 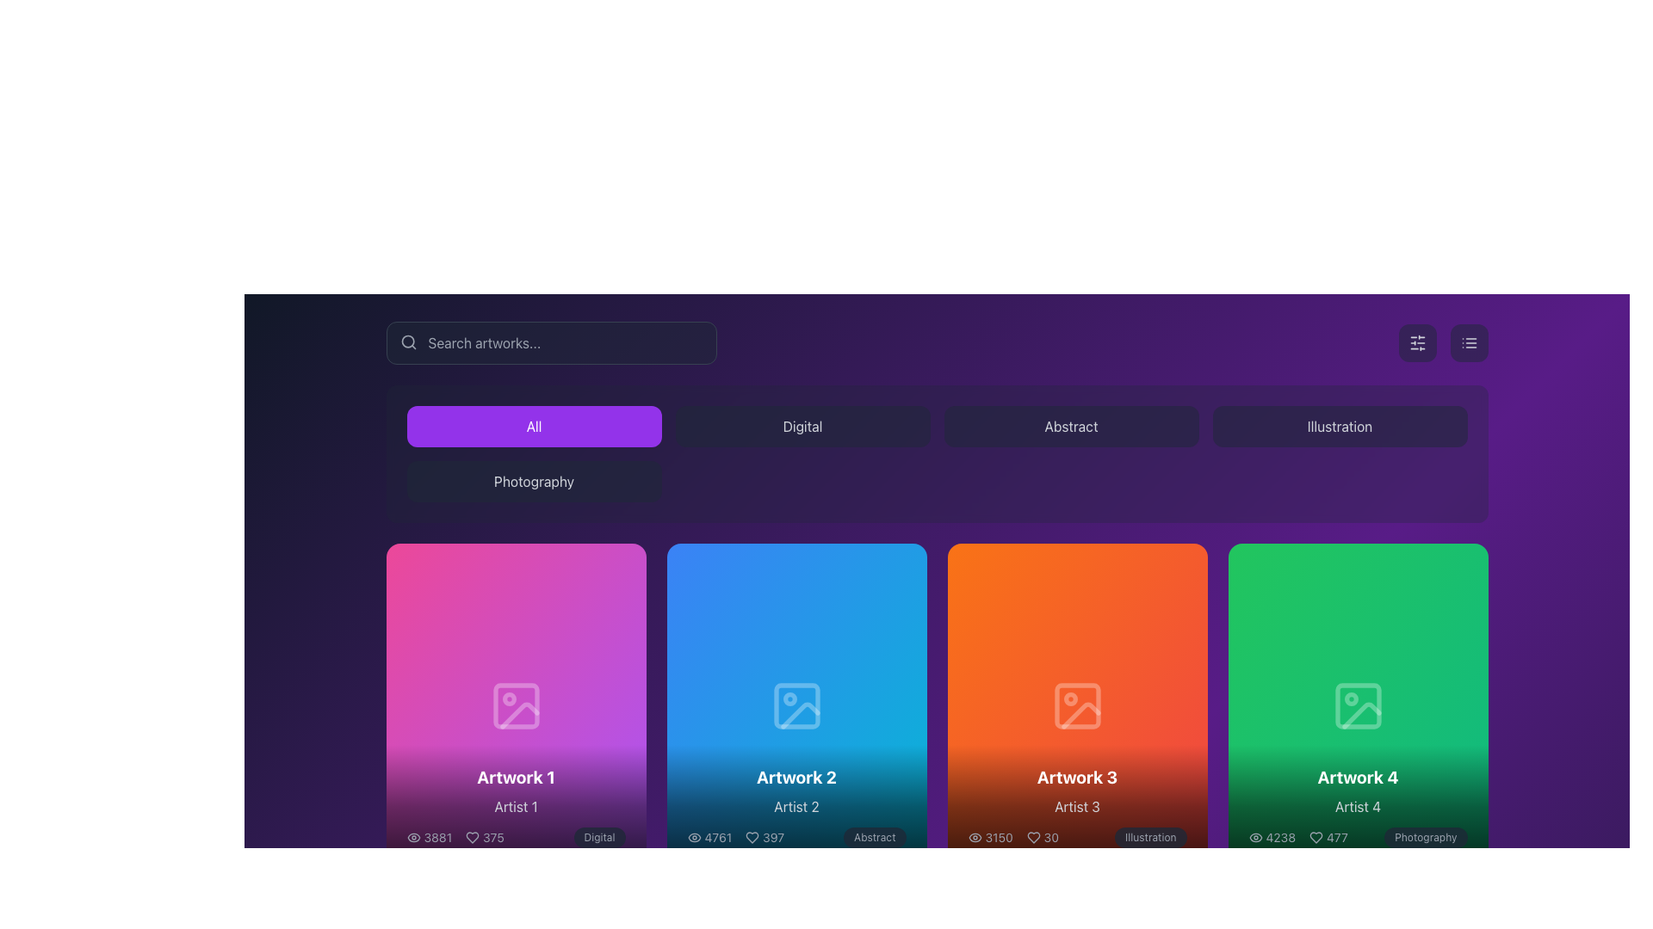 I want to click on the icon-text pair displaying view counts and likes for 'Artwork 2', positioned at the bottom of the artwork card, so click(x=735, y=836).